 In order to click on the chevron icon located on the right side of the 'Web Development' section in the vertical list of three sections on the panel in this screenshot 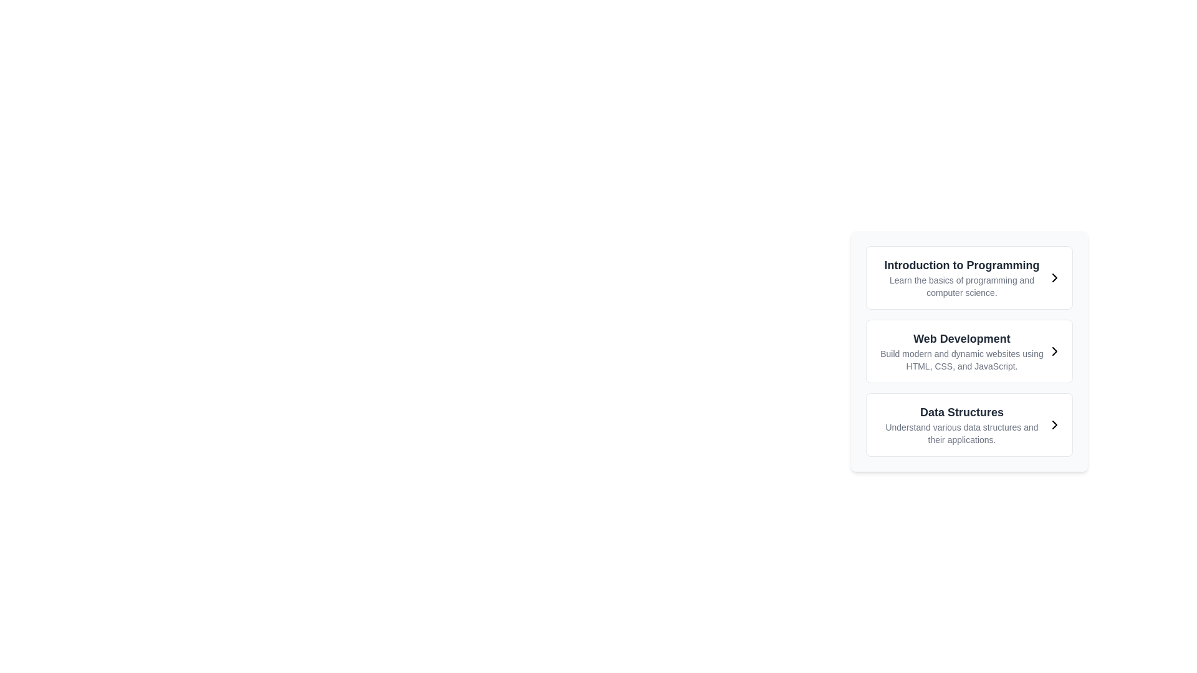, I will do `click(1054, 351)`.